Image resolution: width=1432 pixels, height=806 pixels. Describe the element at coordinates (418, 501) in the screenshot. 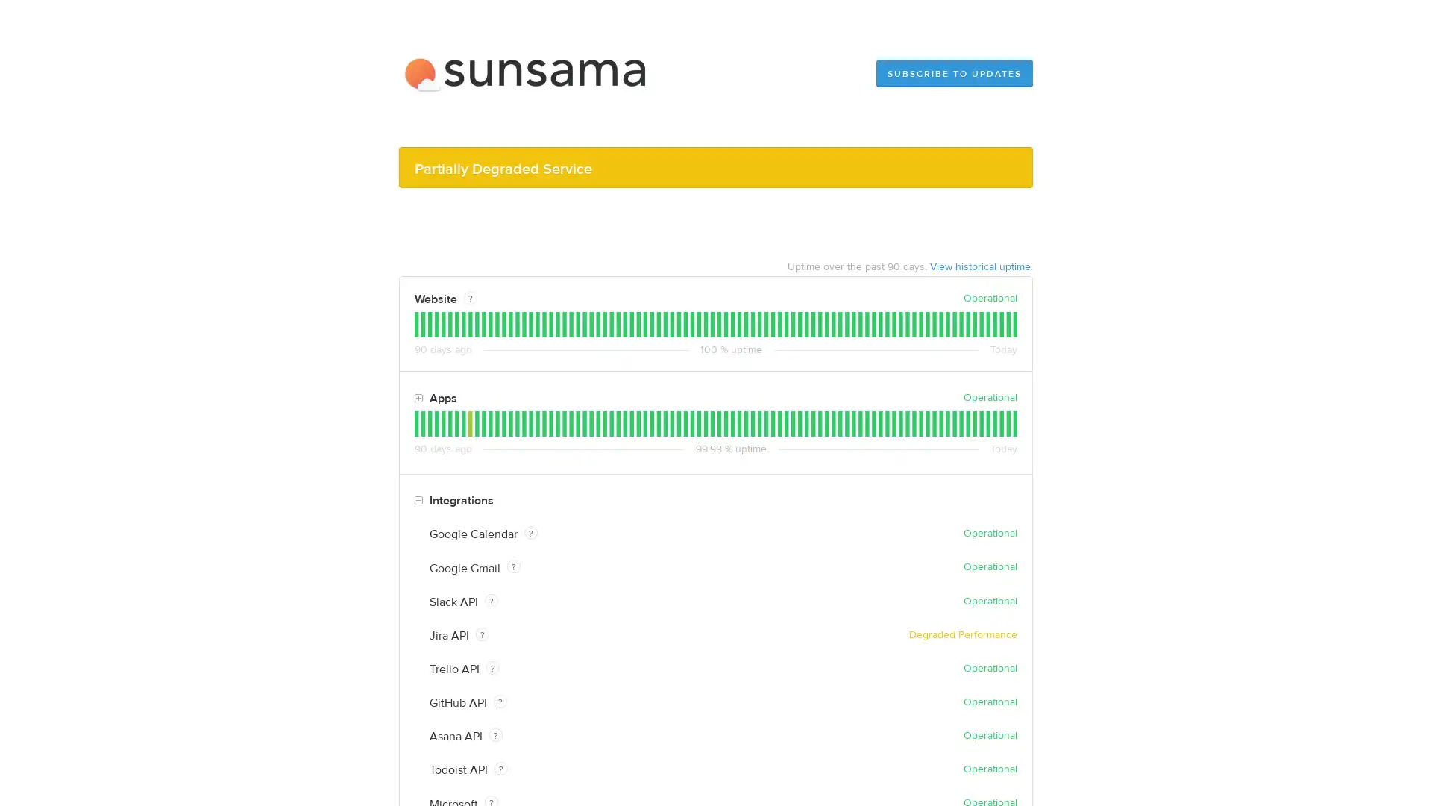

I see `Toggle Integrations` at that location.